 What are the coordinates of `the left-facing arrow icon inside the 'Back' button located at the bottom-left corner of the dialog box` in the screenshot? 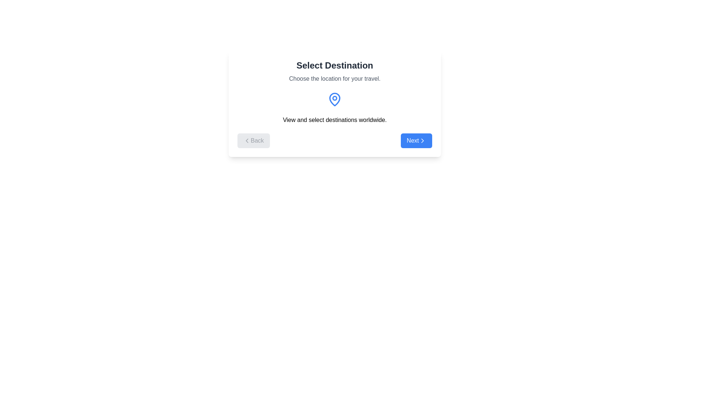 It's located at (247, 140).